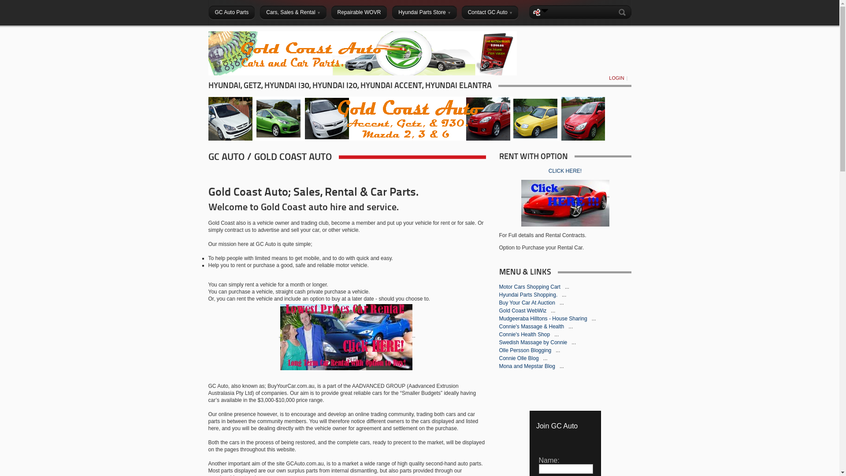 This screenshot has height=476, width=846. I want to click on 'Hyundai Parts Shopping.', so click(529, 294).